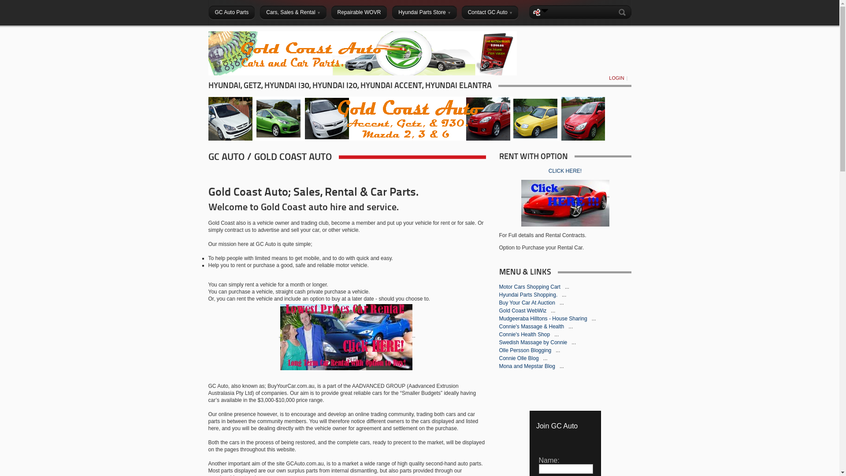 This screenshot has height=476, width=846. I want to click on 'Hyundai Parts Shopping.', so click(529, 294).